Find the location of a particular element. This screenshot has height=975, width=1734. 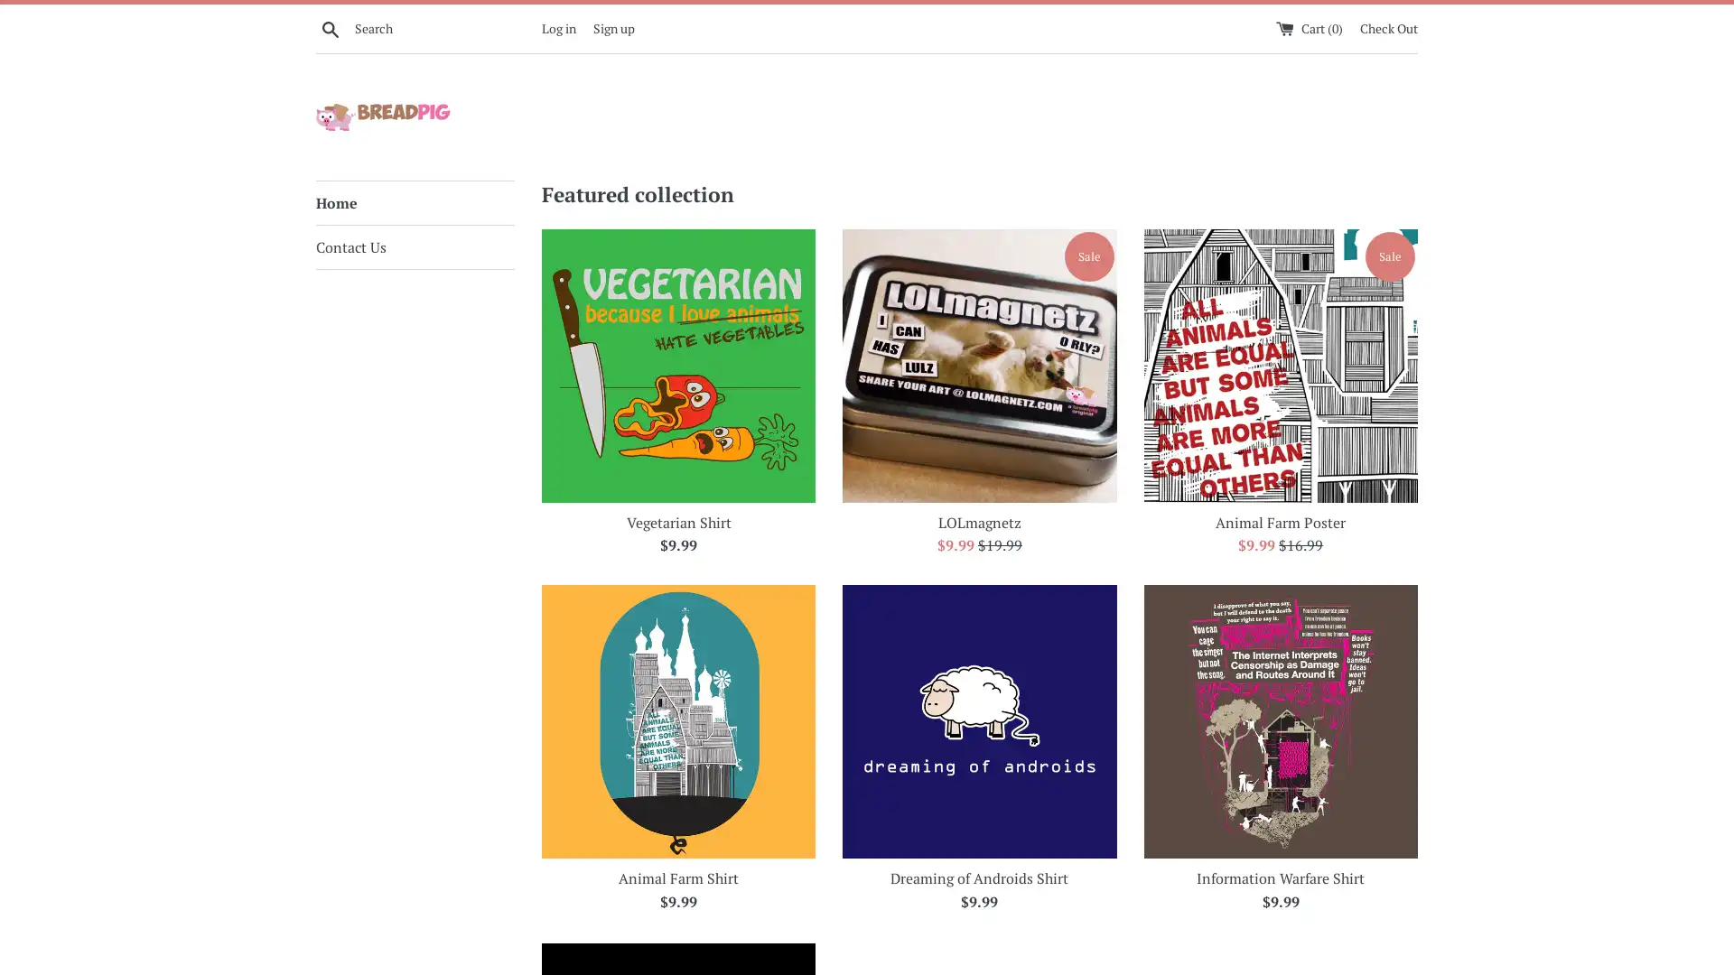

Search is located at coordinates (330, 27).